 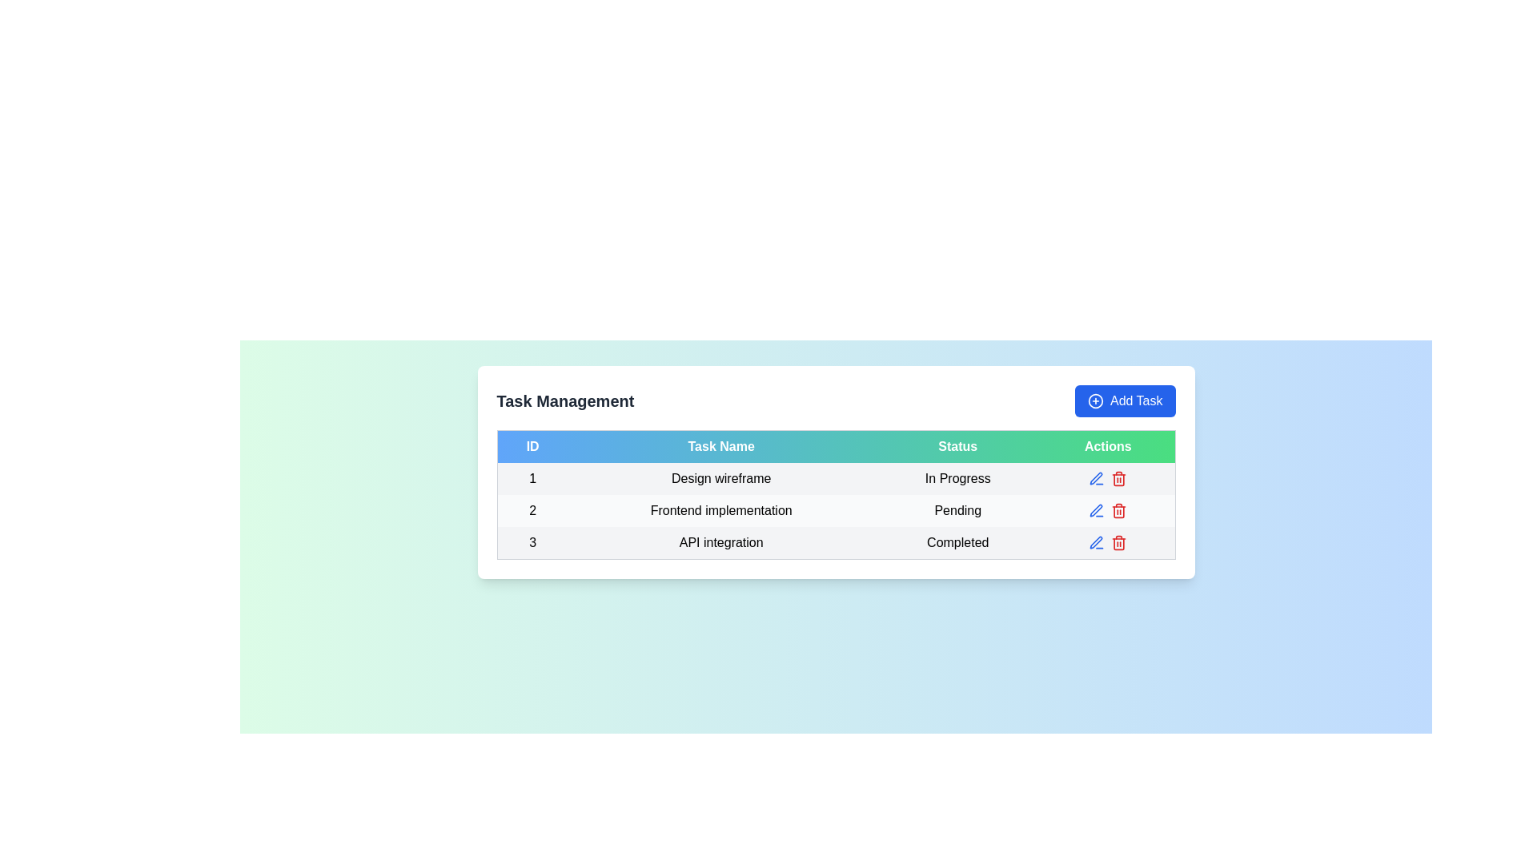 I want to click on text label displaying 'In Progress' in the 'Status' column of the task management table, so click(x=957, y=477).